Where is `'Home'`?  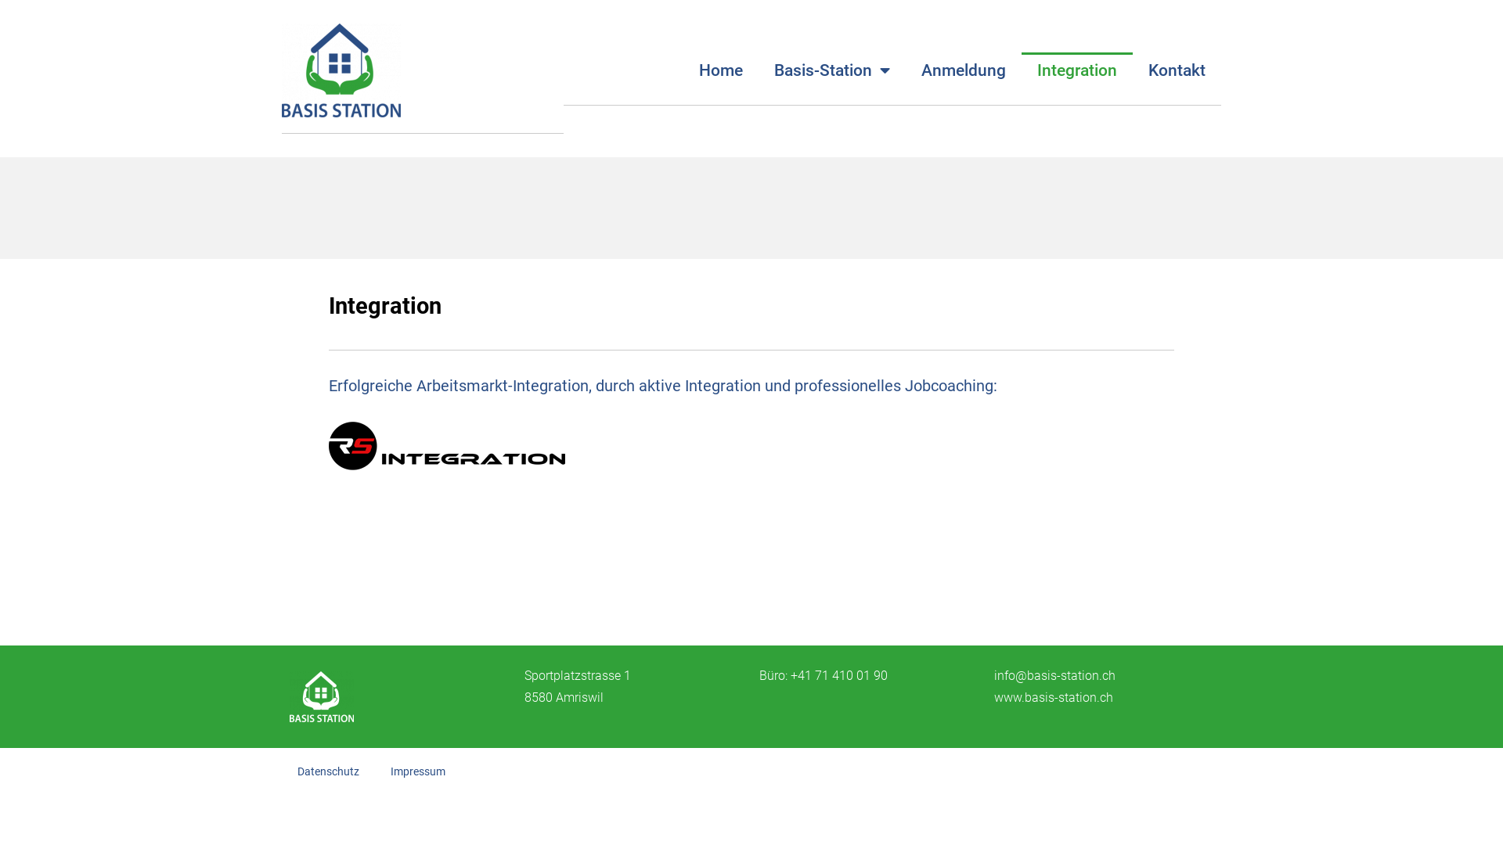 'Home' is located at coordinates (720, 69).